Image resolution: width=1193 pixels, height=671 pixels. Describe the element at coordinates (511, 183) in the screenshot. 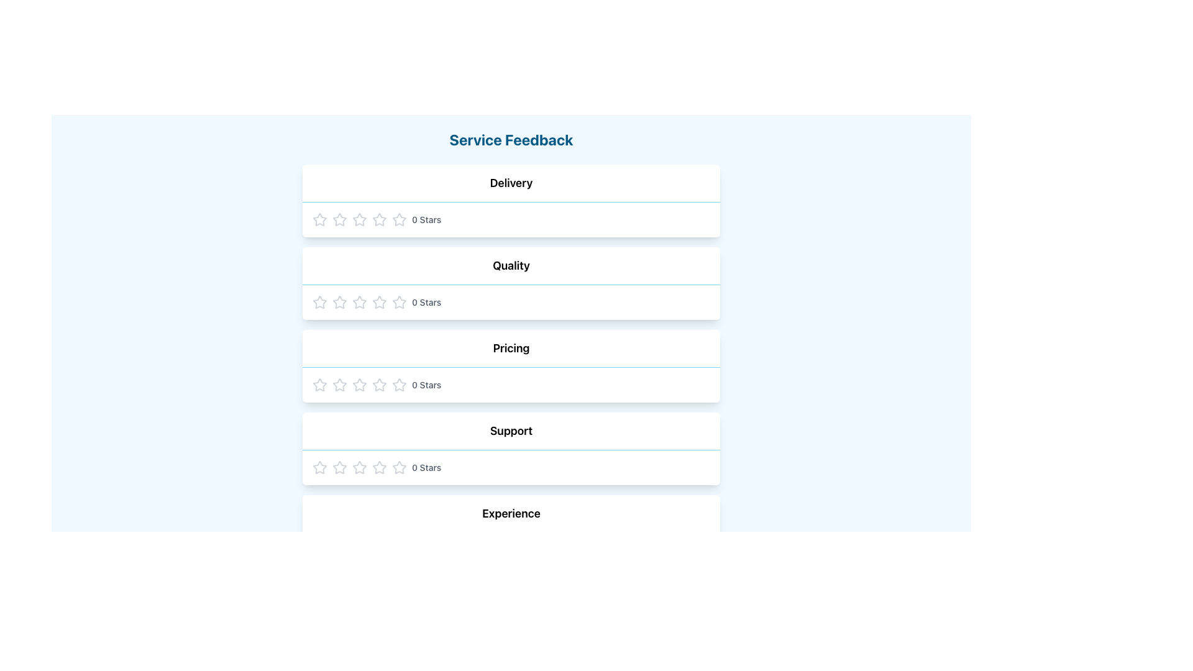

I see `the text label displaying 'Delivery' in bold, located above the star rating row in the 'Service Feedback' section` at that location.